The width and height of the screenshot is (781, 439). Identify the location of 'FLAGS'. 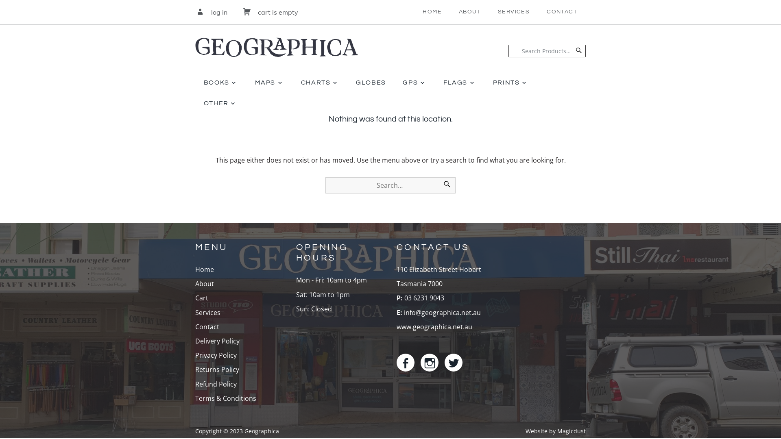
(459, 83).